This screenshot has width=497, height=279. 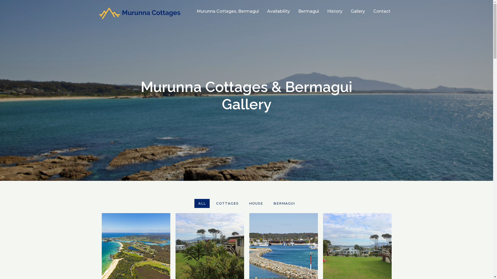 What do you see at coordinates (382, 11) in the screenshot?
I see `'Contact'` at bounding box center [382, 11].